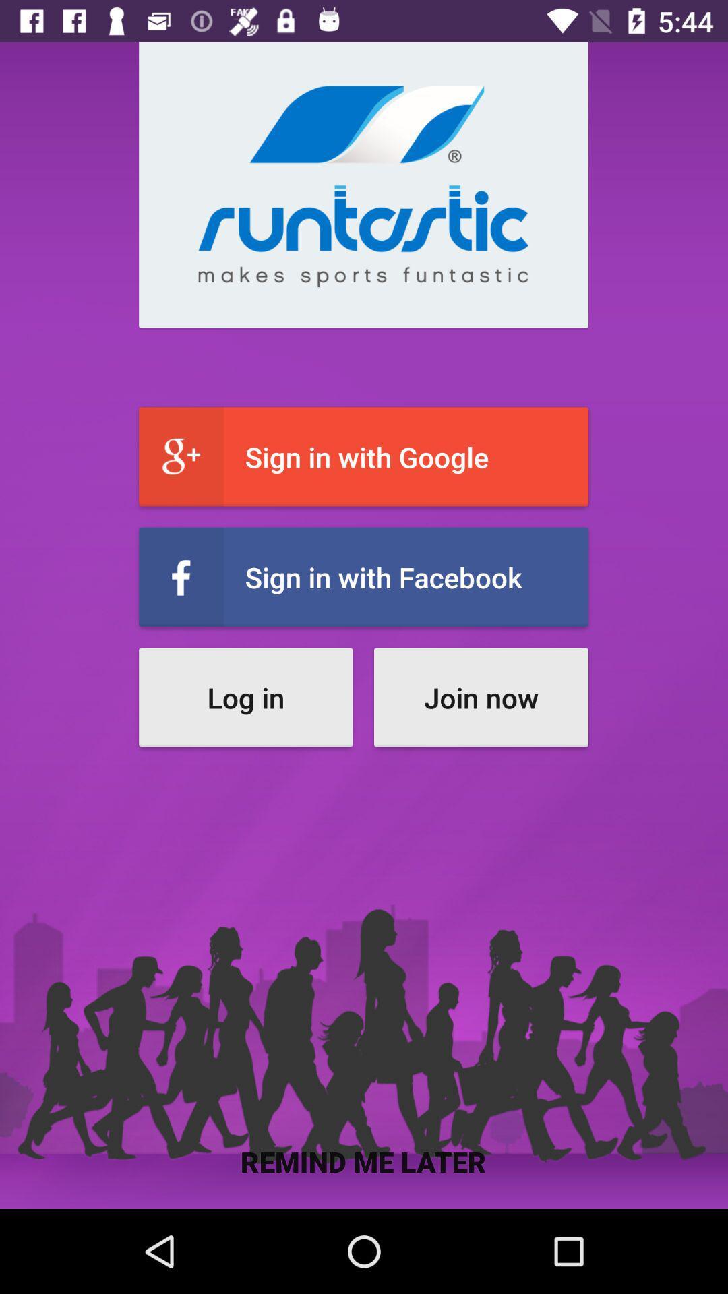 The width and height of the screenshot is (728, 1294). Describe the element at coordinates (480, 698) in the screenshot. I see `the icon below the sign in with` at that location.